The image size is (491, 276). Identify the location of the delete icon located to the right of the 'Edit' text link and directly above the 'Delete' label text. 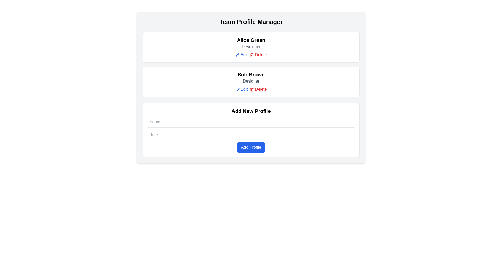
(252, 89).